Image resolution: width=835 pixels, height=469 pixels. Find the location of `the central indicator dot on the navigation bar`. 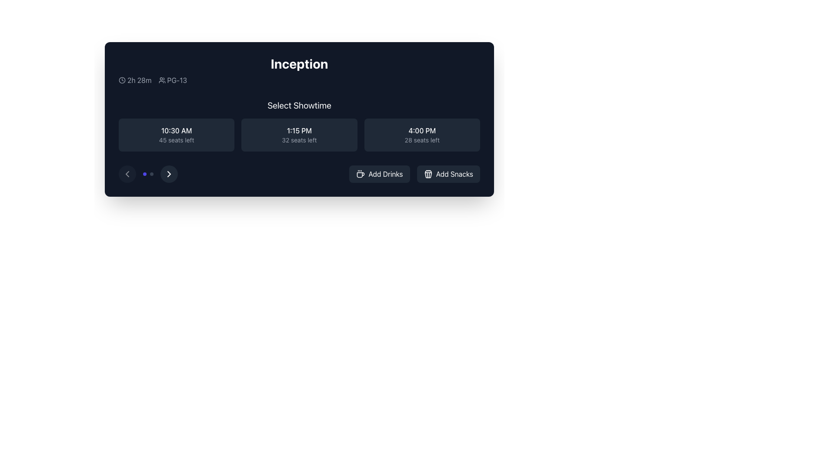

the central indicator dot on the navigation bar is located at coordinates (148, 174).